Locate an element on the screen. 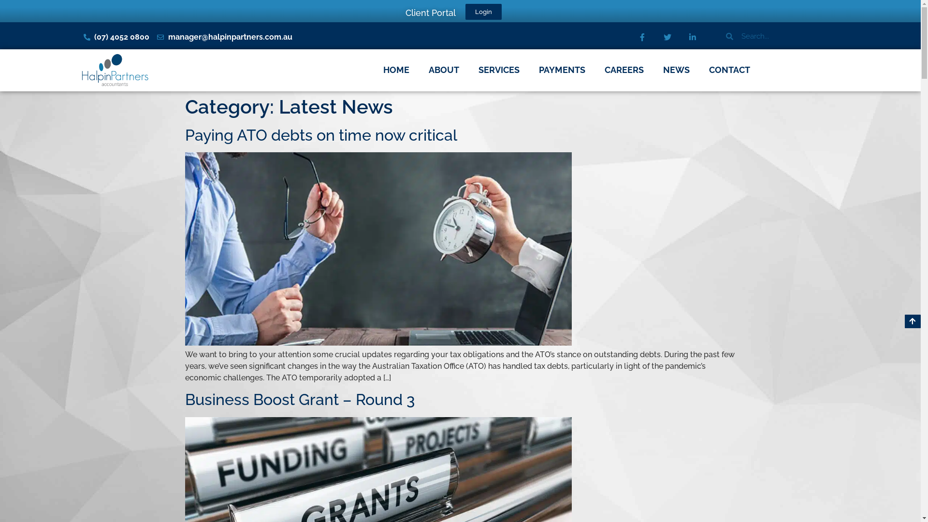 The image size is (928, 522). 'manager@halpinpartners.com.au' is located at coordinates (224, 37).